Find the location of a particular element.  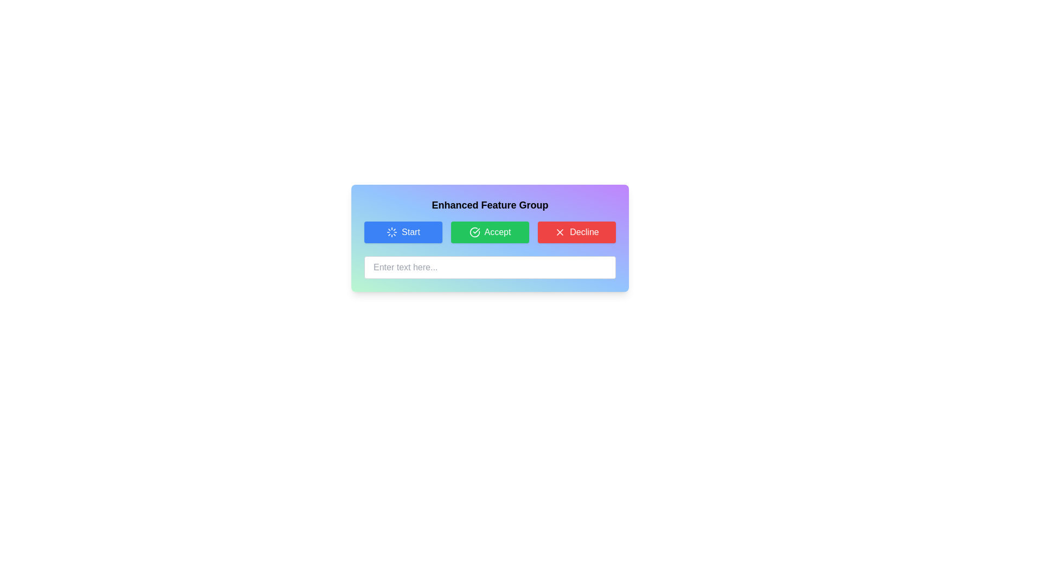

the 'Start' button which has a blue background, white text, and a spinning loader icon is located at coordinates (403, 231).